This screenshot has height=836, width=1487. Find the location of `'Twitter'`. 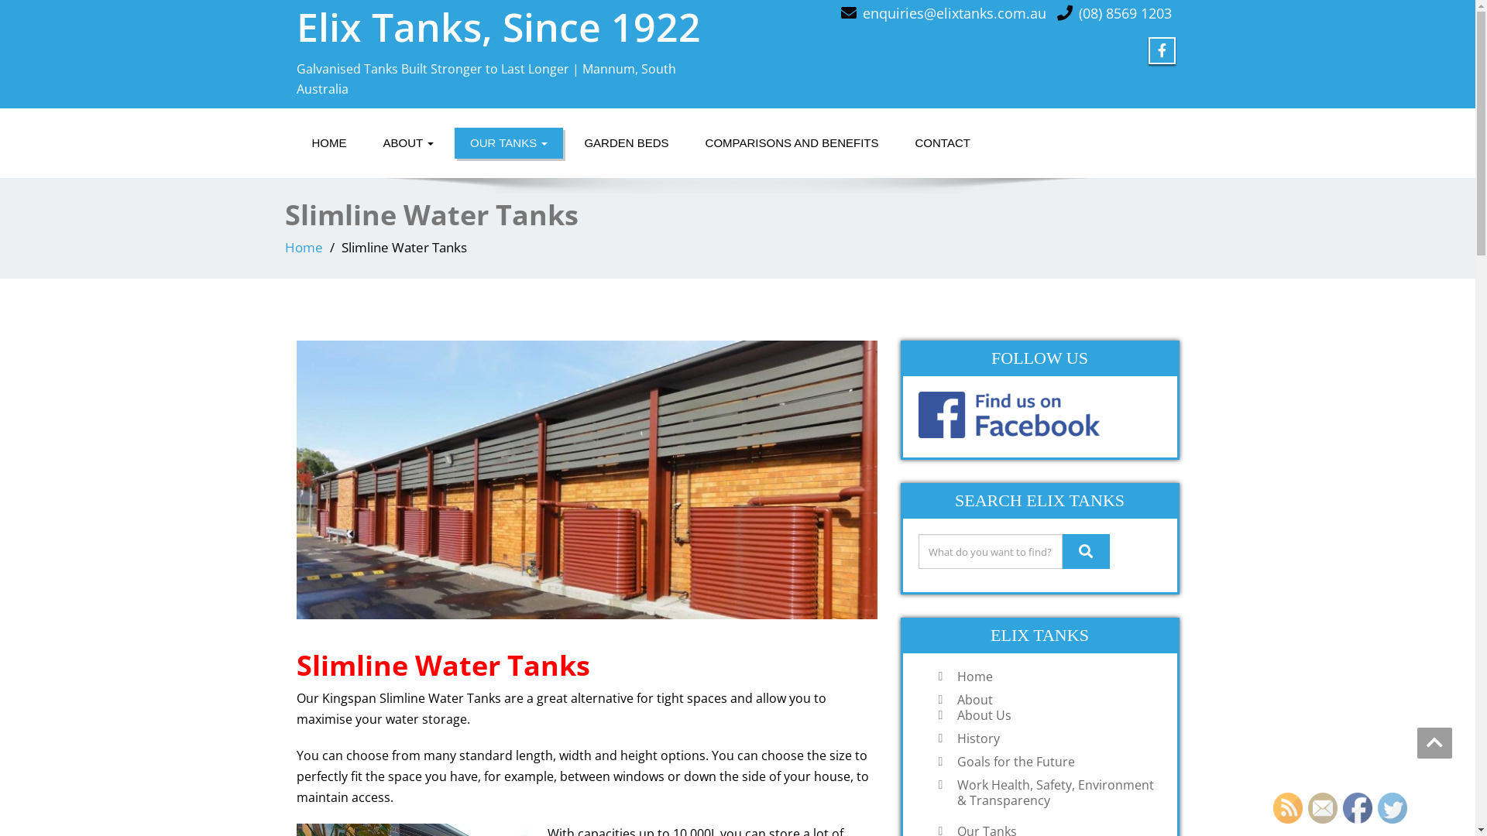

'Twitter' is located at coordinates (1393, 807).